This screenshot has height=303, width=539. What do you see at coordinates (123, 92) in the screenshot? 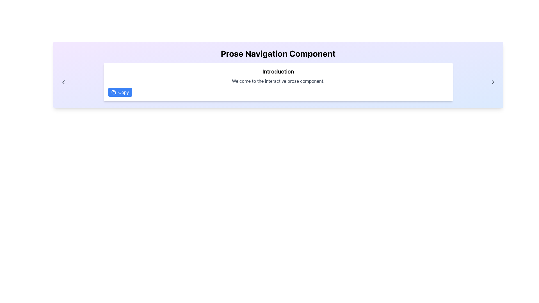
I see `text from the 'Copy' button, which is a bold, white font on a blue background, located in the top-left region of the content box` at bounding box center [123, 92].